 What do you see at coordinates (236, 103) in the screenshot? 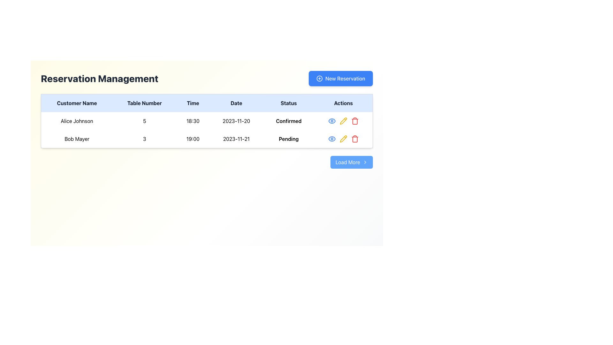
I see `the 'Date' text label, which is a bold, black font element located in the header row of the table, centered horizontally with a light blue background` at bounding box center [236, 103].